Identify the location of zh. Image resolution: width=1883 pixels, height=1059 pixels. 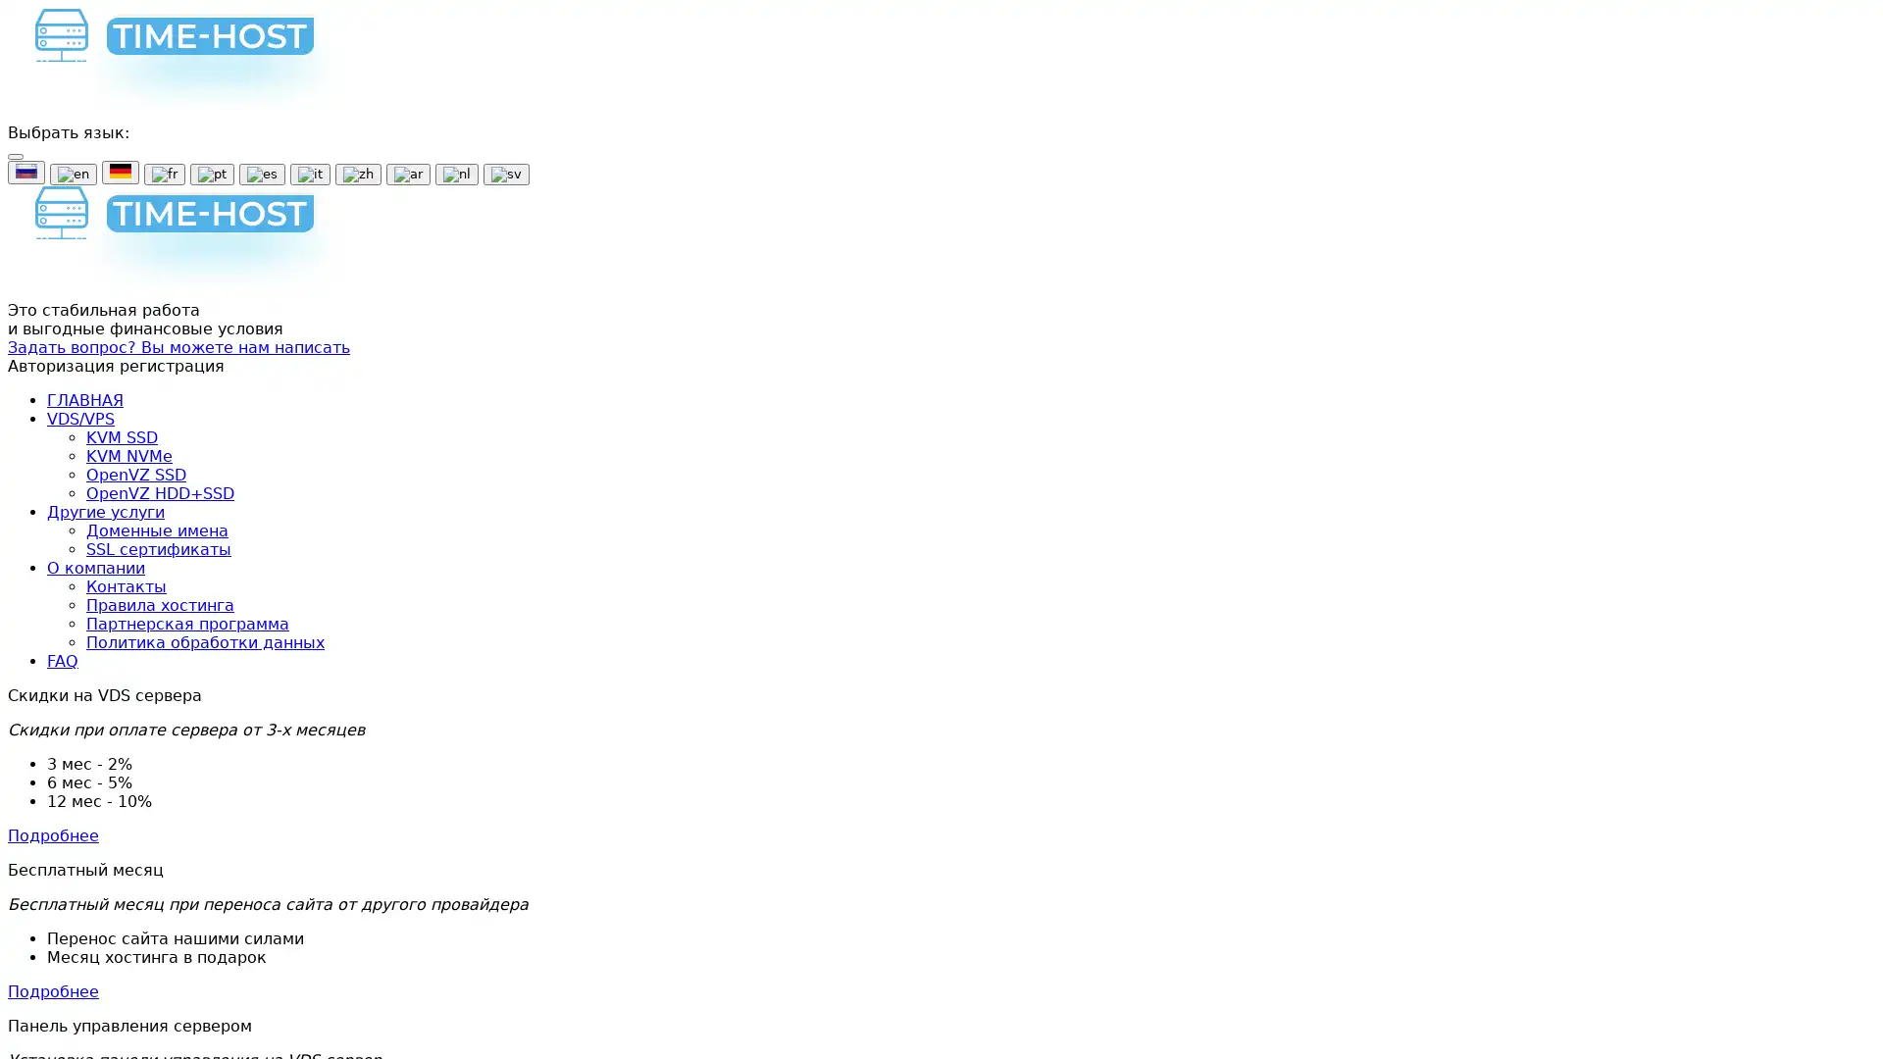
(358, 173).